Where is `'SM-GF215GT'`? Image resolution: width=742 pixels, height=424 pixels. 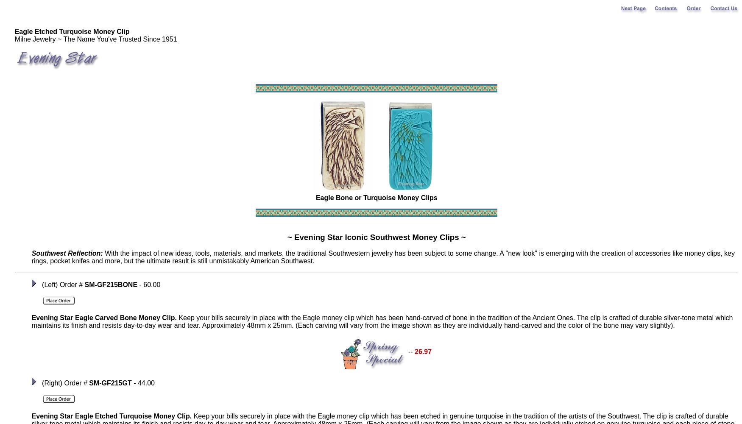
'SM-GF215GT' is located at coordinates (89, 383).